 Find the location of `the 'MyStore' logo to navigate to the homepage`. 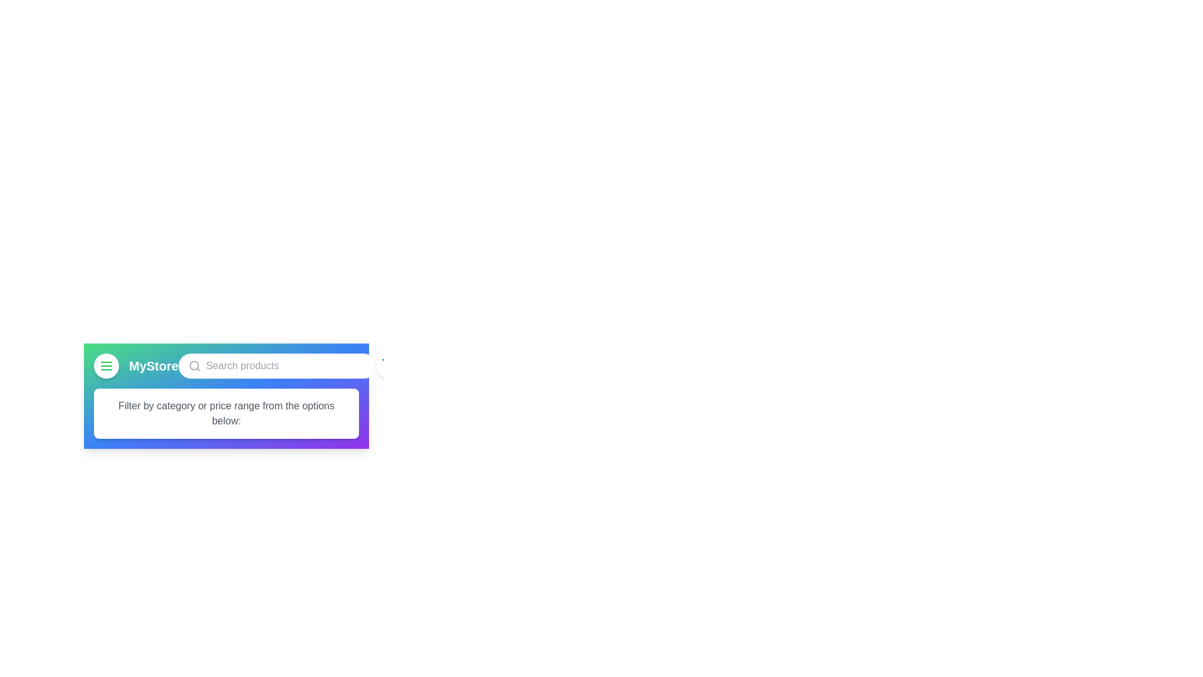

the 'MyStore' logo to navigate to the homepage is located at coordinates (152, 365).